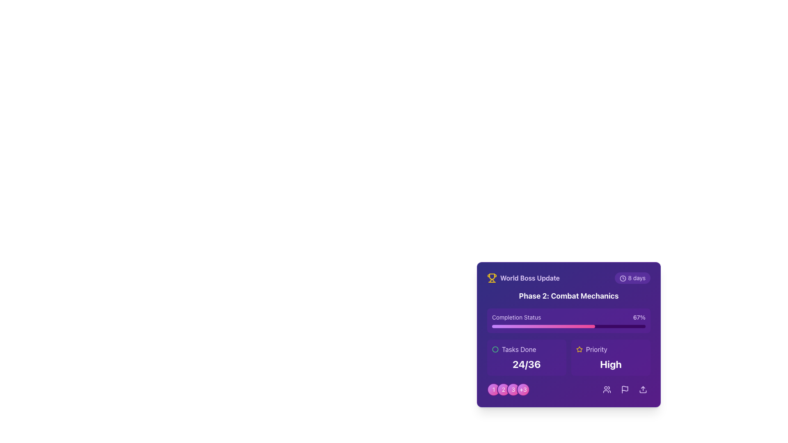  Describe the element at coordinates (508, 389) in the screenshot. I see `the individual badge in the bottom-left corner of the purple rectangular card, which is part of a horizontal arrangement of circular badges displaying the numbers '1', '2', '3', and '+3'` at that location.